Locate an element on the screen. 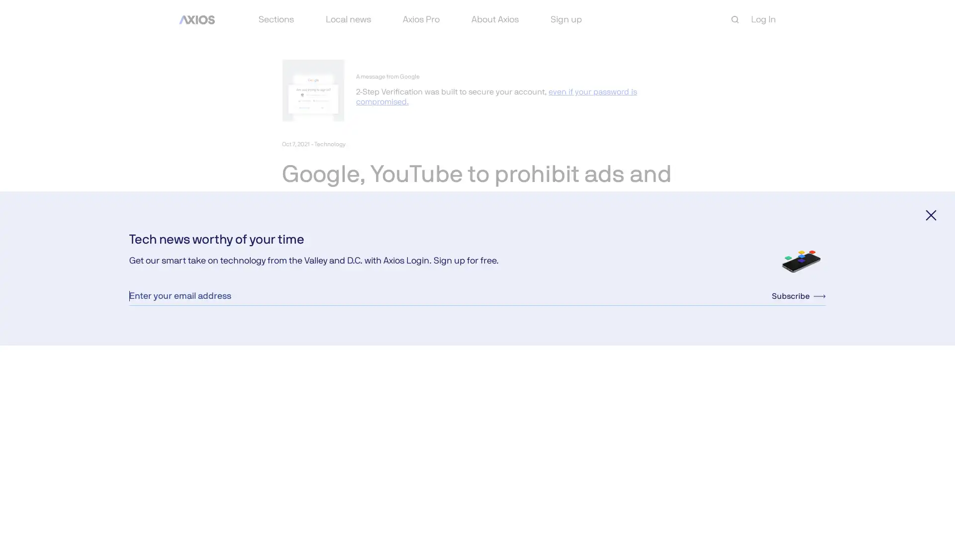 Image resolution: width=955 pixels, height=537 pixels. open search is located at coordinates (735, 19).